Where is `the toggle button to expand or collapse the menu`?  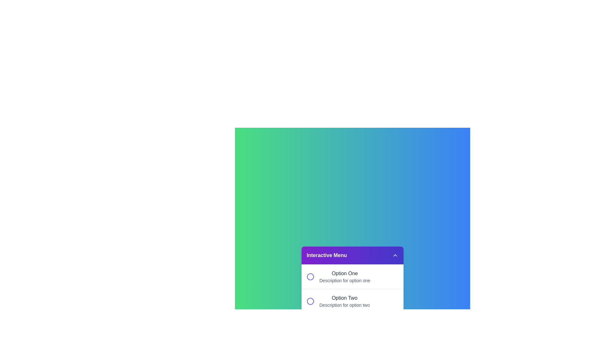
the toggle button to expand or collapse the menu is located at coordinates (395, 255).